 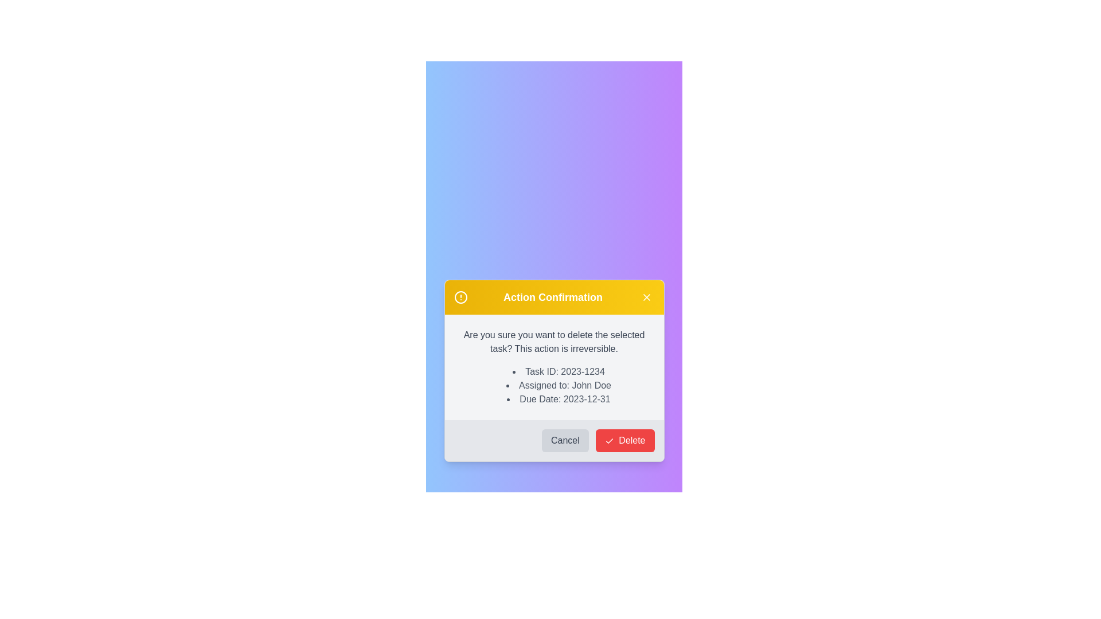 I want to click on the Close button icon located in the top-right corner of the yellow banner on the confirmation dialog, so click(x=646, y=297).